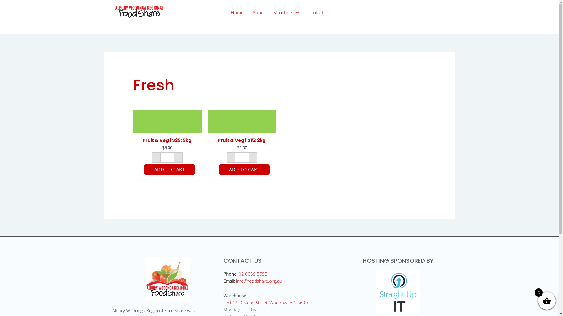 This screenshot has width=563, height=316. Describe the element at coordinates (230, 157) in the screenshot. I see `'-'` at that location.